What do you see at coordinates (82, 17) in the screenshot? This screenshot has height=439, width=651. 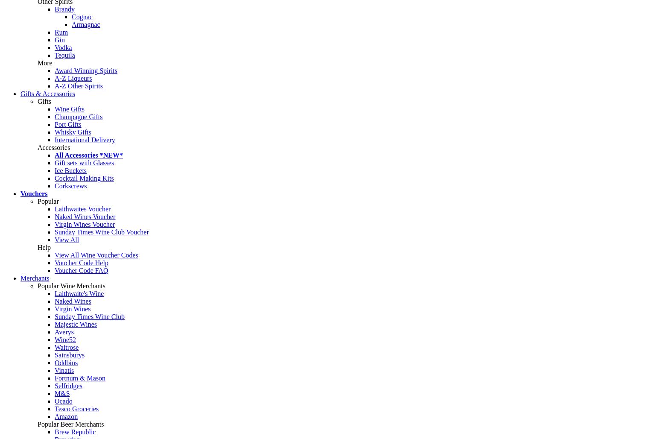 I see `'Cognac'` at bounding box center [82, 17].